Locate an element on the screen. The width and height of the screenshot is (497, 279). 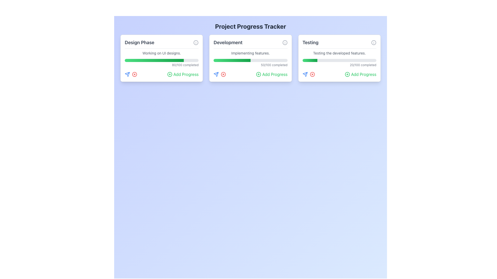
the progress value is located at coordinates (309, 60).